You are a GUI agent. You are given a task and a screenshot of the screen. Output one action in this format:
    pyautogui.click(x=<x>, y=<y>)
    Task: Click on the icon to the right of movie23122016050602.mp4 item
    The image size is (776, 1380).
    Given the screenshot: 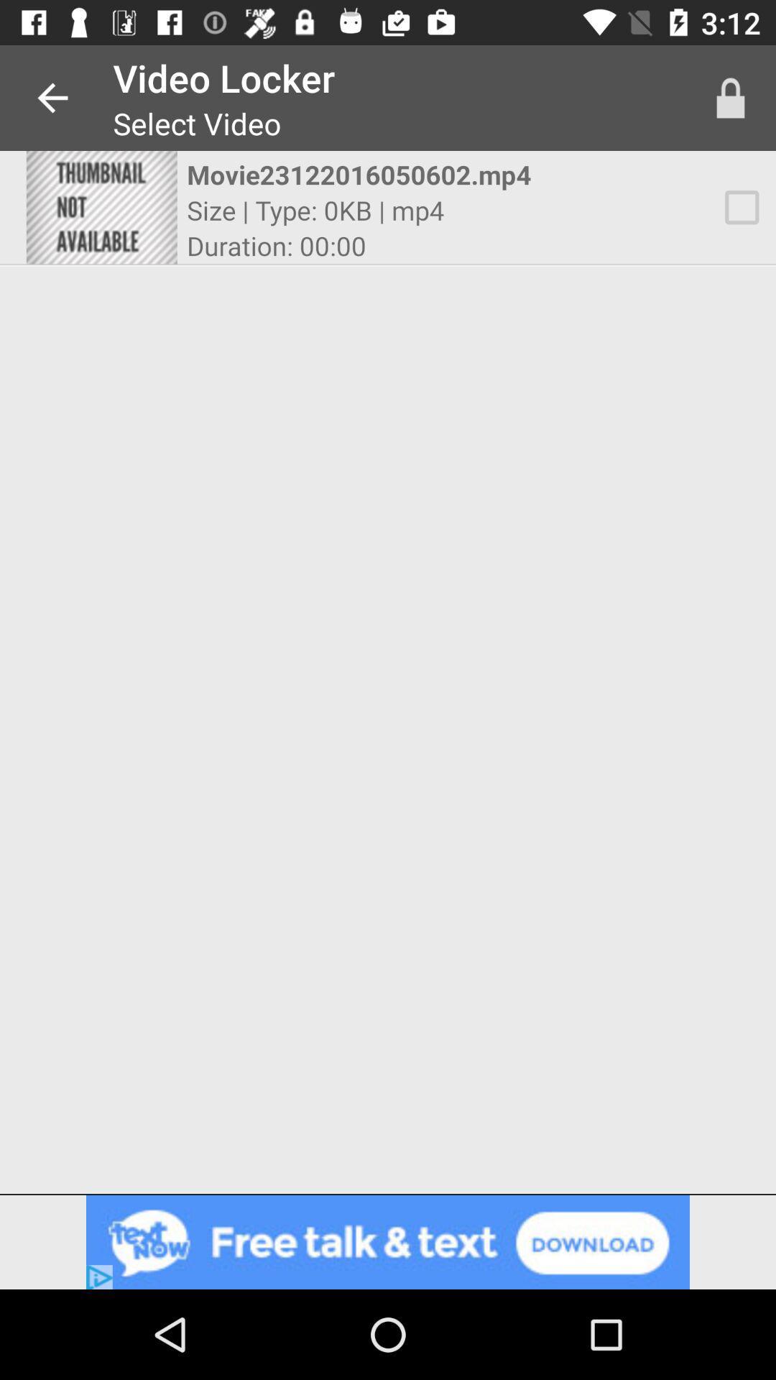 What is the action you would take?
    pyautogui.click(x=742, y=206)
    